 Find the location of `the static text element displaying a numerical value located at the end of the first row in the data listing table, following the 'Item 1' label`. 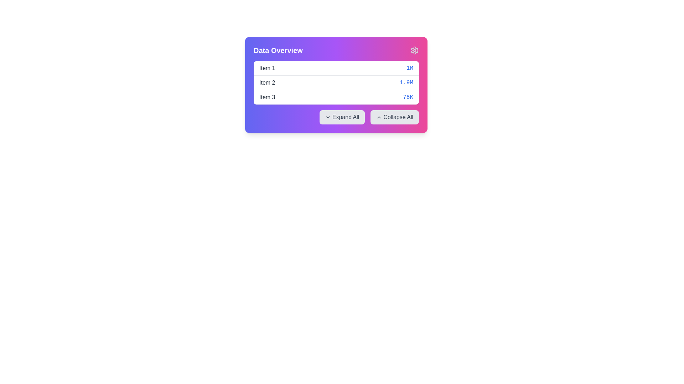

the static text element displaying a numerical value located at the end of the first row in the data listing table, following the 'Item 1' label is located at coordinates (410, 68).